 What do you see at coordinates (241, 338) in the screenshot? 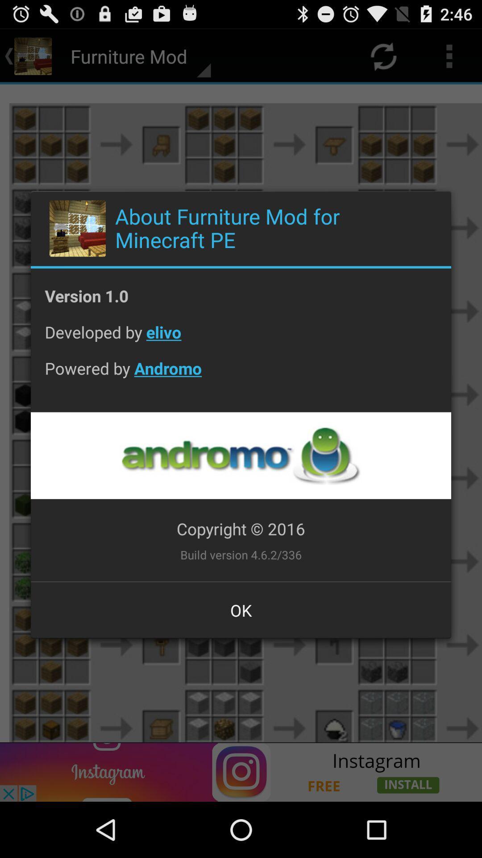
I see `item below version 1.0 item` at bounding box center [241, 338].